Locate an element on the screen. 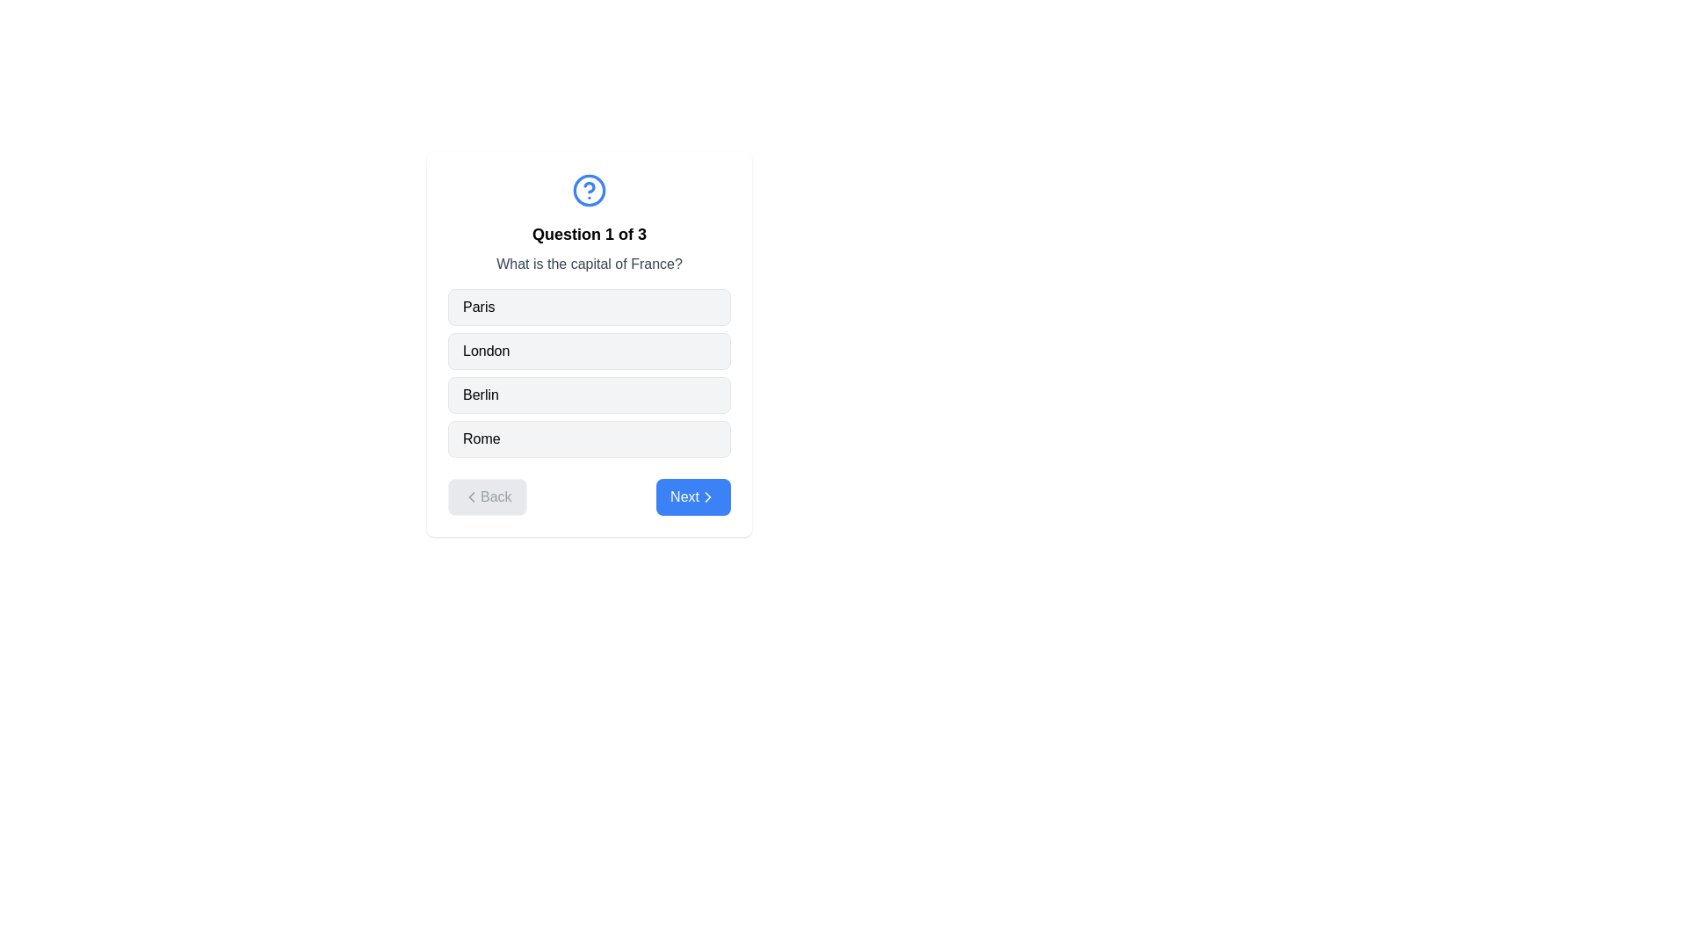  the Text Label displaying 'Question 1 of 3', which is styled prominently in a bold font and located below a blue circular icon with a question mark is located at coordinates (590, 233).